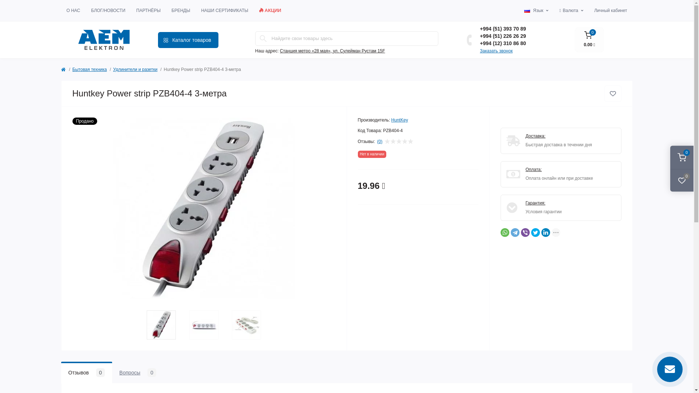  What do you see at coordinates (520, 233) in the screenshot?
I see `'Viber'` at bounding box center [520, 233].